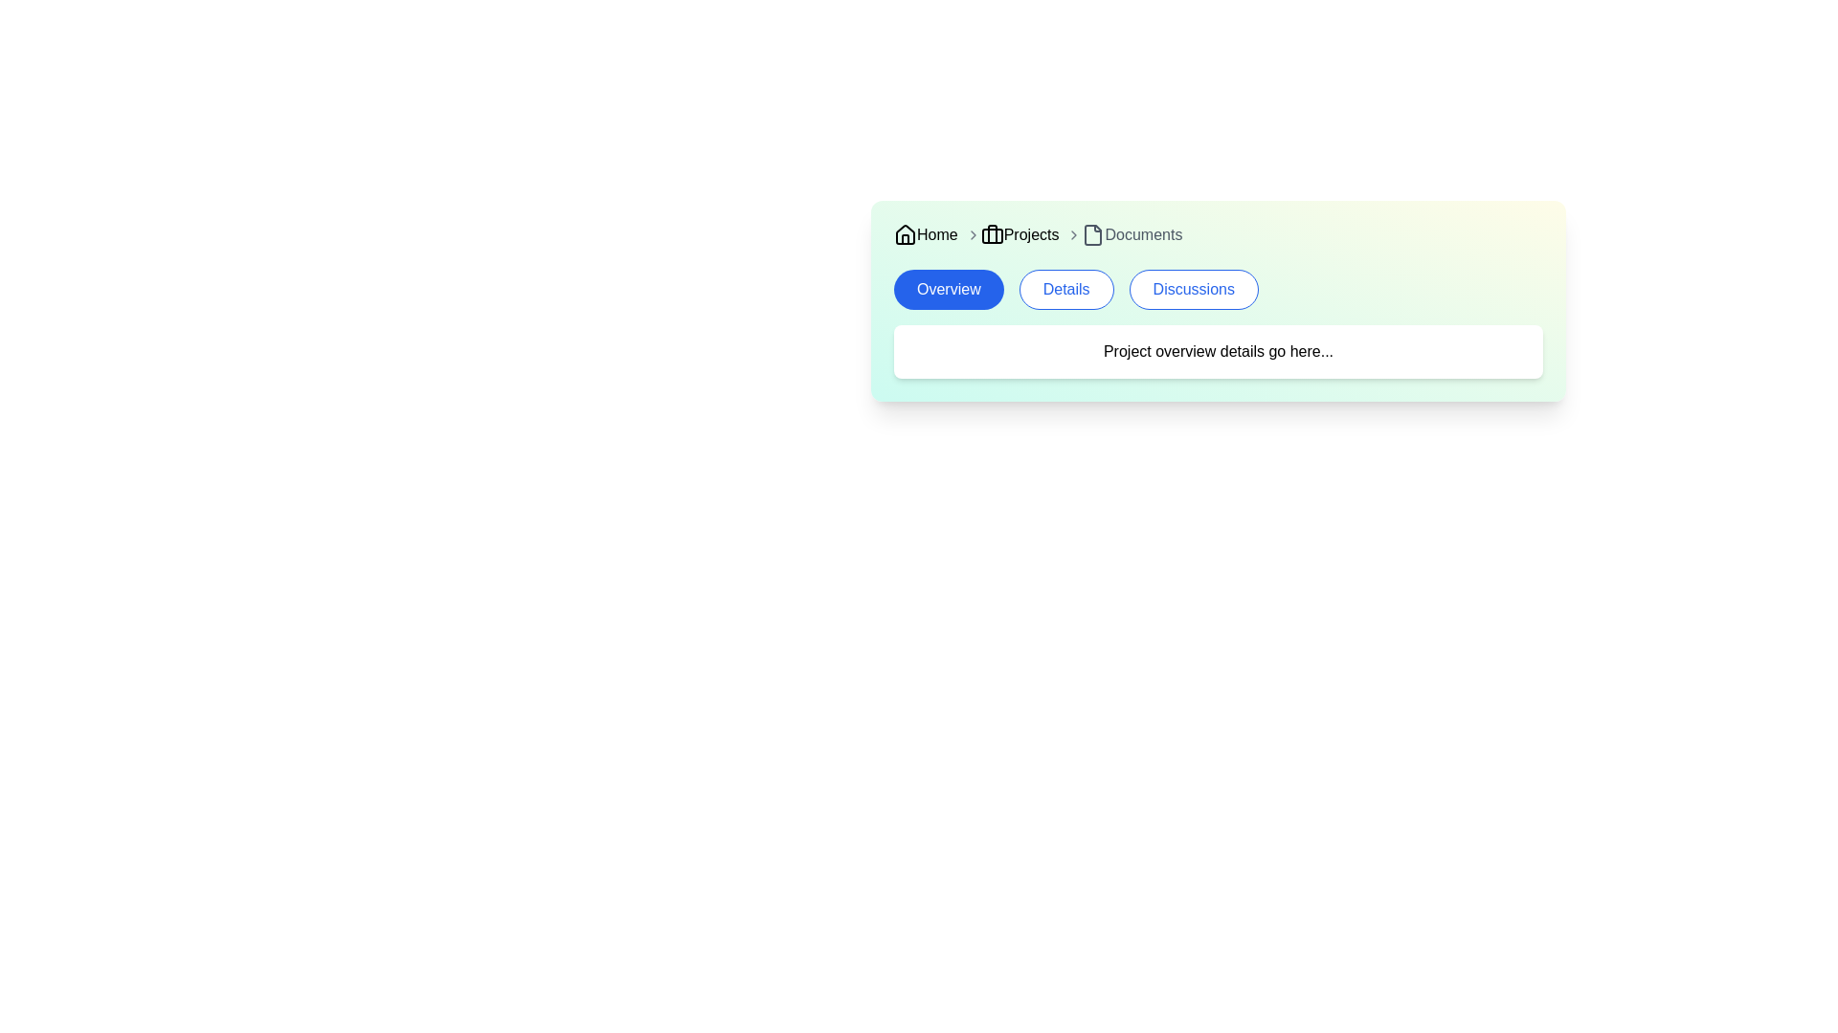 Image resolution: width=1838 pixels, height=1033 pixels. I want to click on the introductory static text that provides an overview of the associated project, located under the navigational buttons like 'Overview', 'Details', and 'Discussions', so click(1217, 351).